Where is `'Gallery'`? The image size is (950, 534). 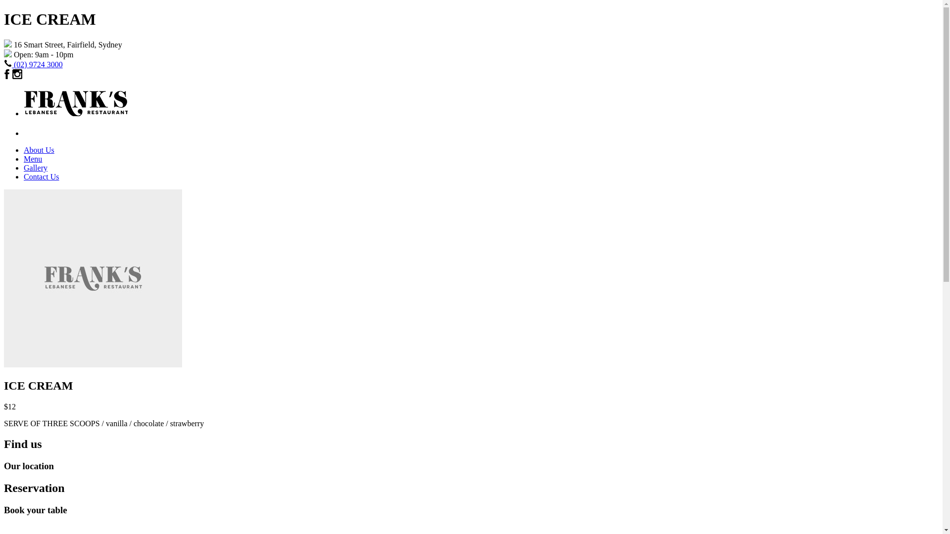
'Gallery' is located at coordinates (36, 167).